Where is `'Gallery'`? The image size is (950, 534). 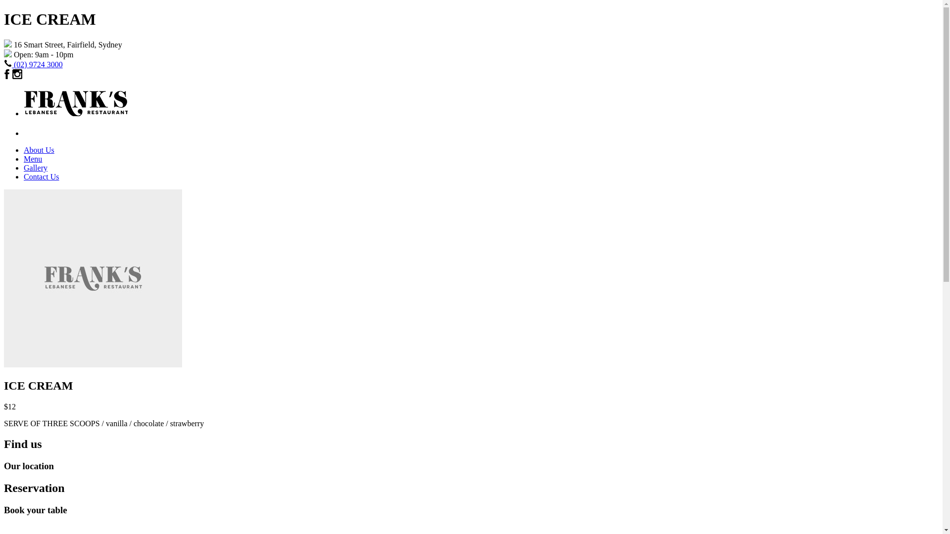
'Gallery' is located at coordinates (36, 167).